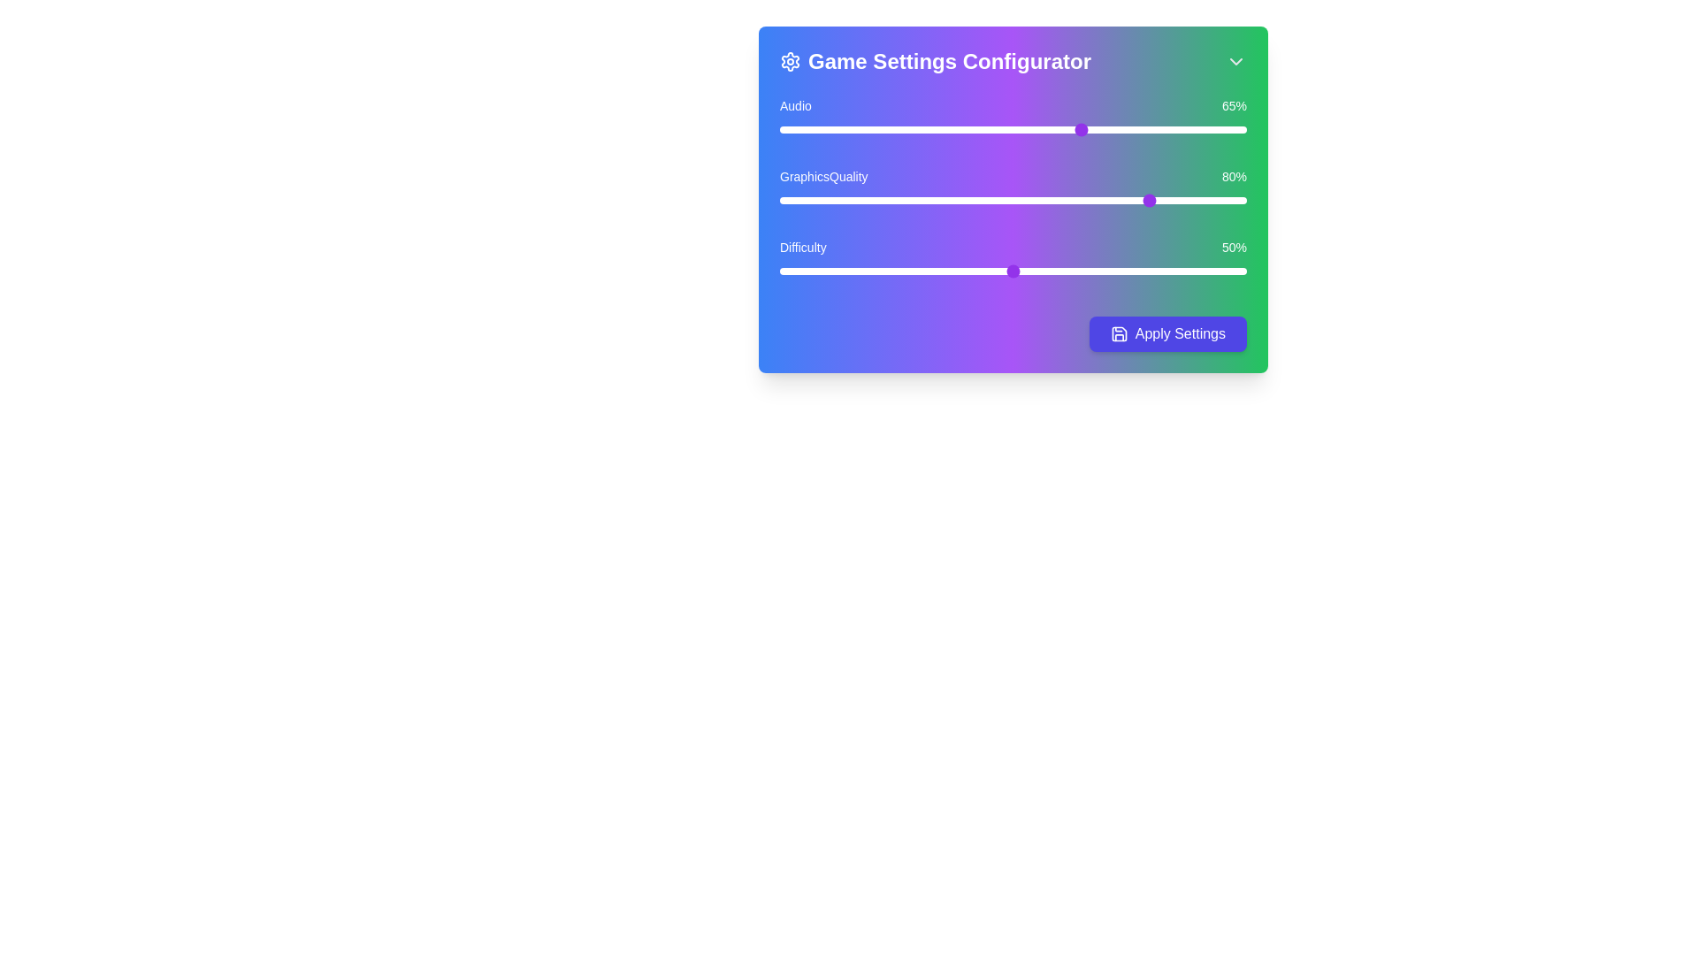  What do you see at coordinates (1167, 334) in the screenshot?
I see `the confirm button in the 'Game Settings Configurator' to apply settings` at bounding box center [1167, 334].